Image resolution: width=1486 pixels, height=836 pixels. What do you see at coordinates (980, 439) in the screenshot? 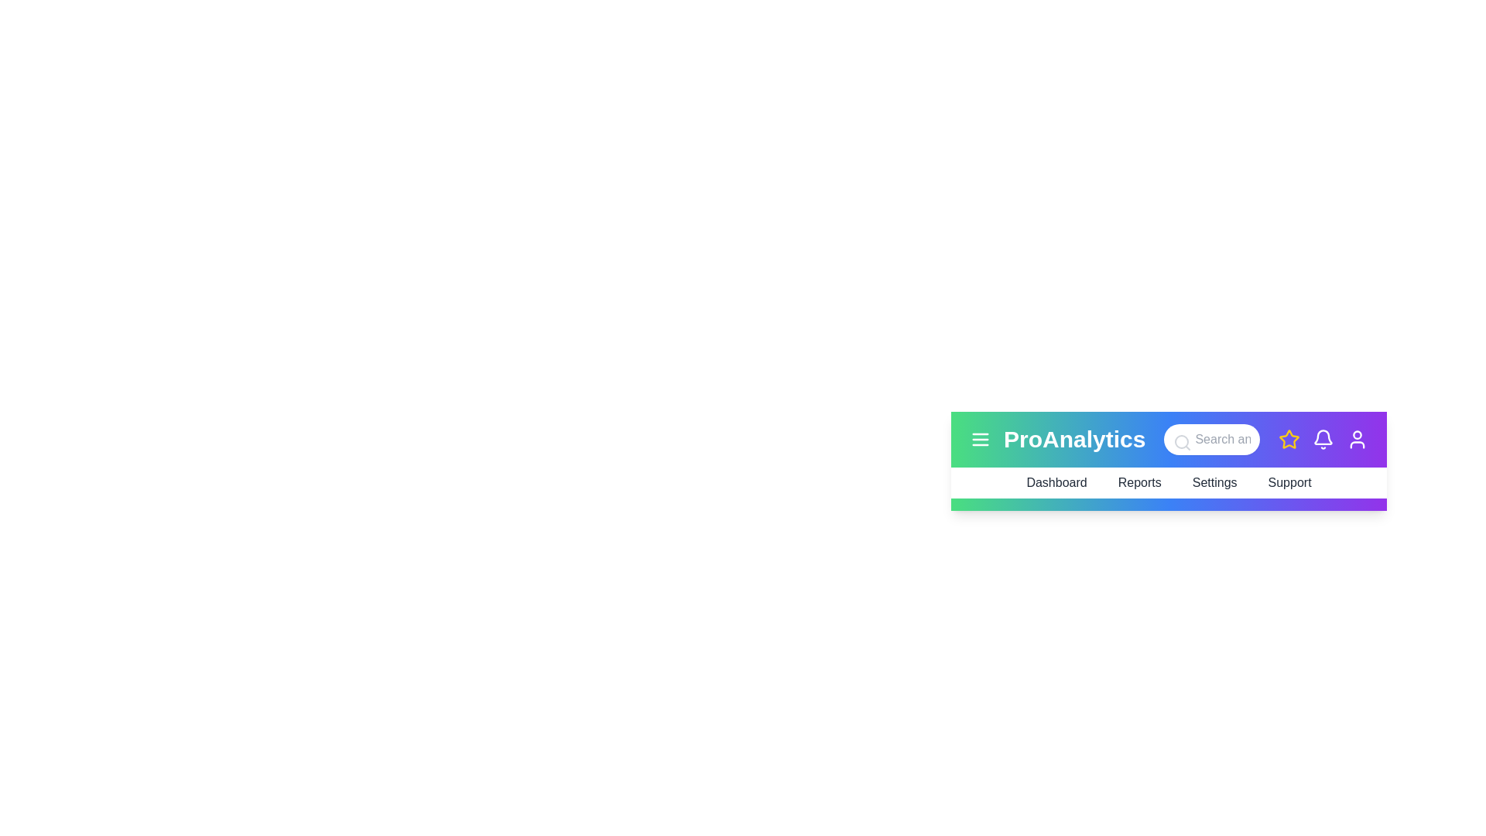
I see `the menu button to toggle the menu visibility` at bounding box center [980, 439].